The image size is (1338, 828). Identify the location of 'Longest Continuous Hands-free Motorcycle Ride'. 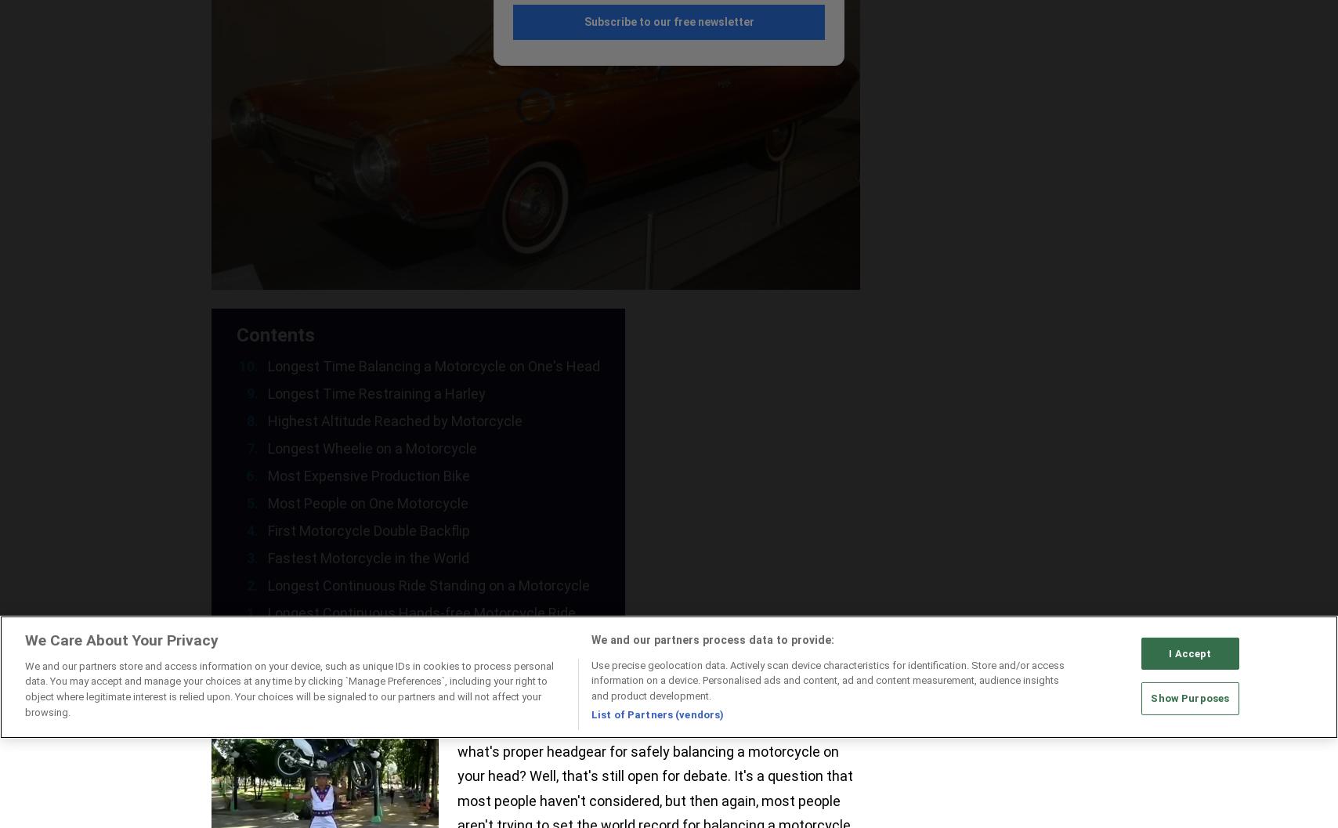
(421, 613).